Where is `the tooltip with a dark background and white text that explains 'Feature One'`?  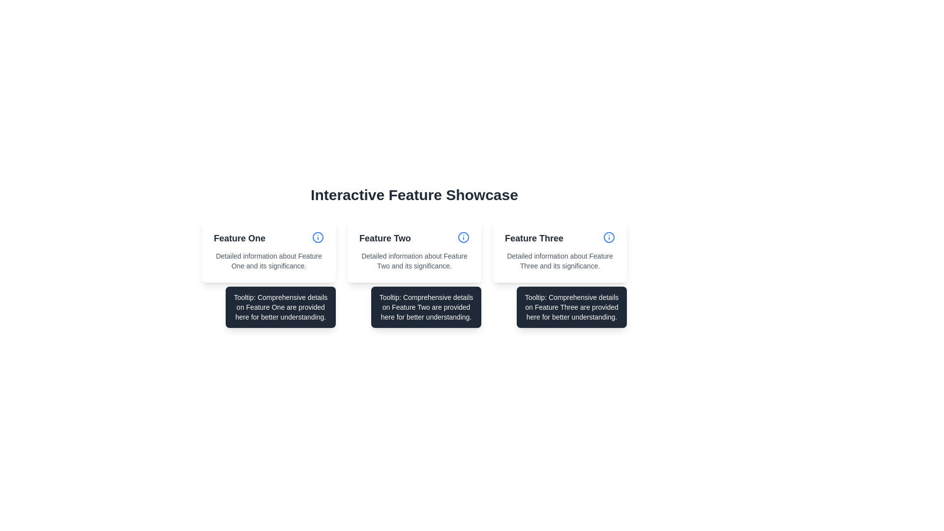 the tooltip with a dark background and white text that explains 'Feature One' is located at coordinates (280, 306).